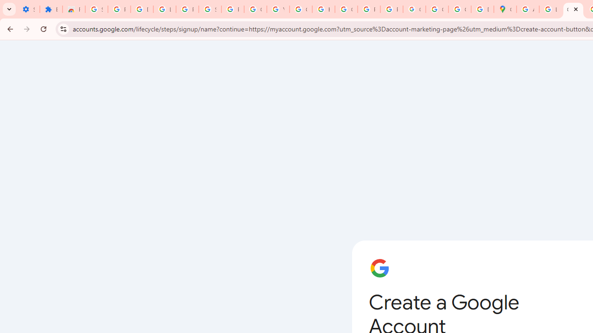 This screenshot has width=593, height=333. I want to click on 'Reviews: Helix Fruit Jump Arcade Game', so click(73, 9).